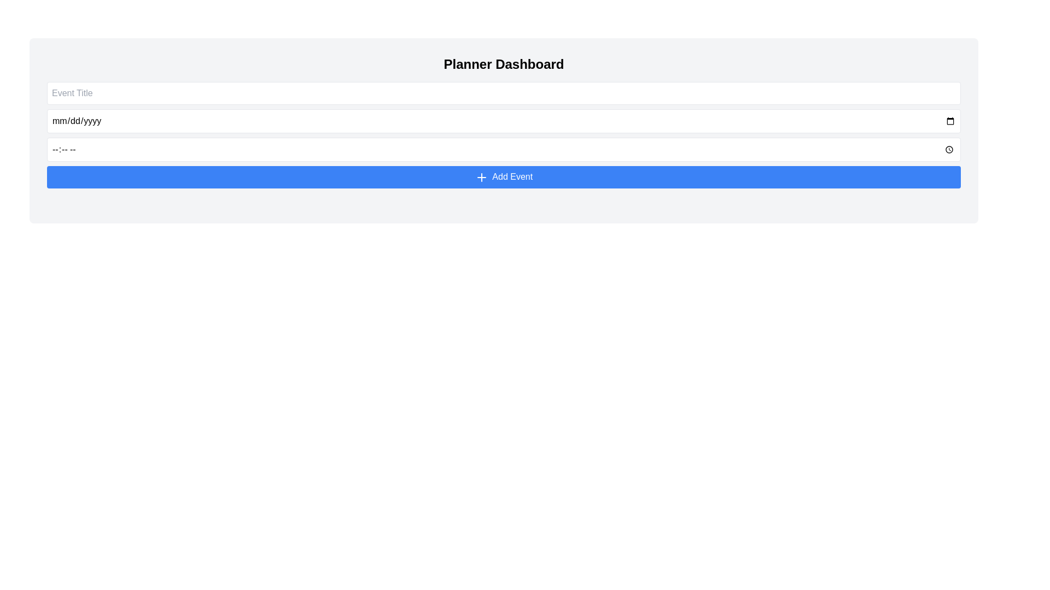 The image size is (1050, 590). I want to click on the Time input field, which is styled with rounded corners and highlighted when focused, to set focus on it, so click(503, 149).